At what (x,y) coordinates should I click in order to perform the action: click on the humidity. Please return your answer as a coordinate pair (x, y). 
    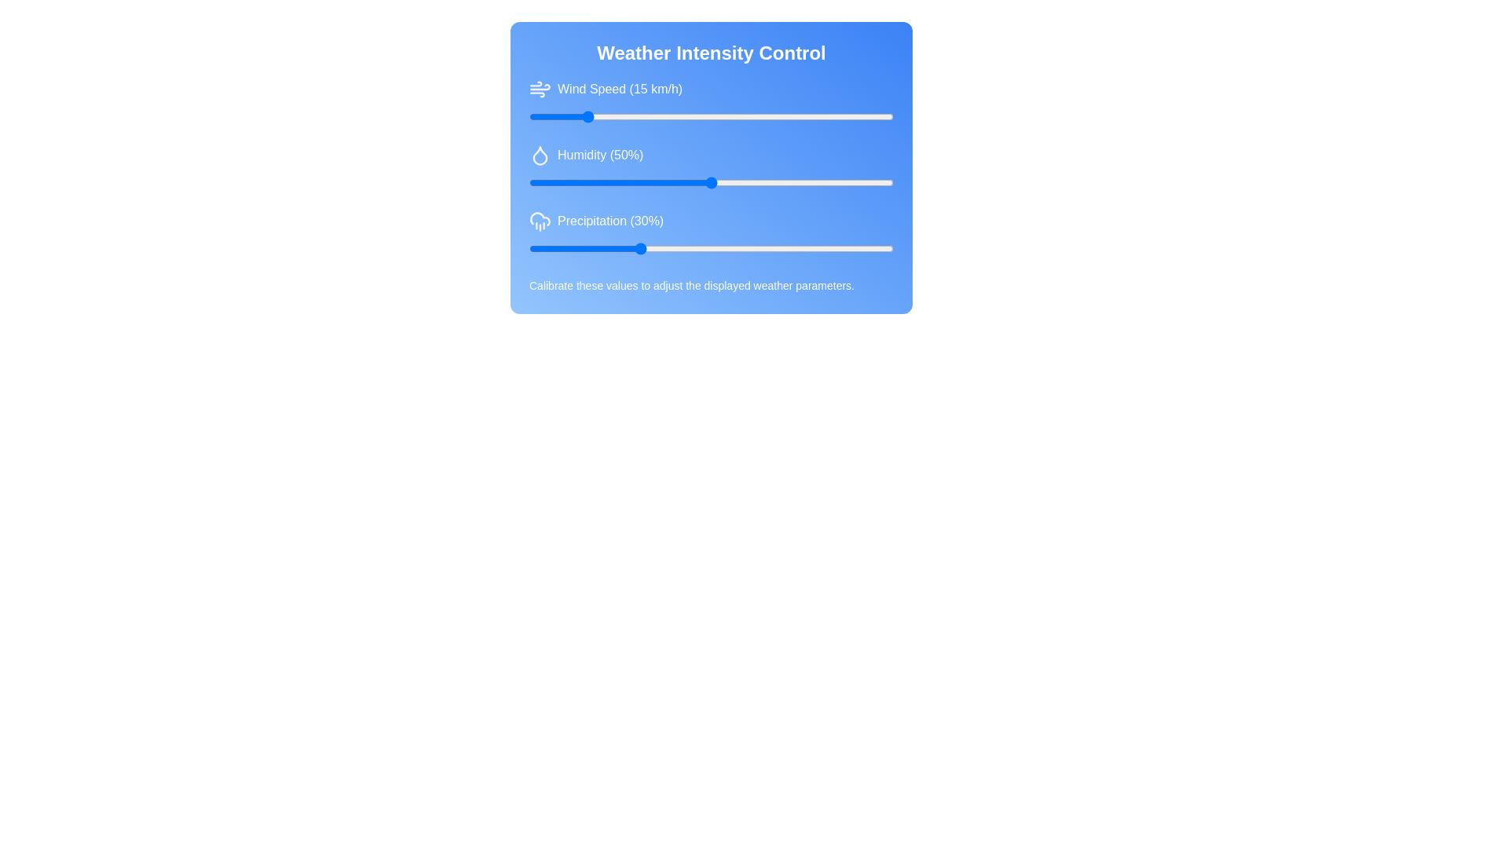
    Looking at the image, I should click on (781, 181).